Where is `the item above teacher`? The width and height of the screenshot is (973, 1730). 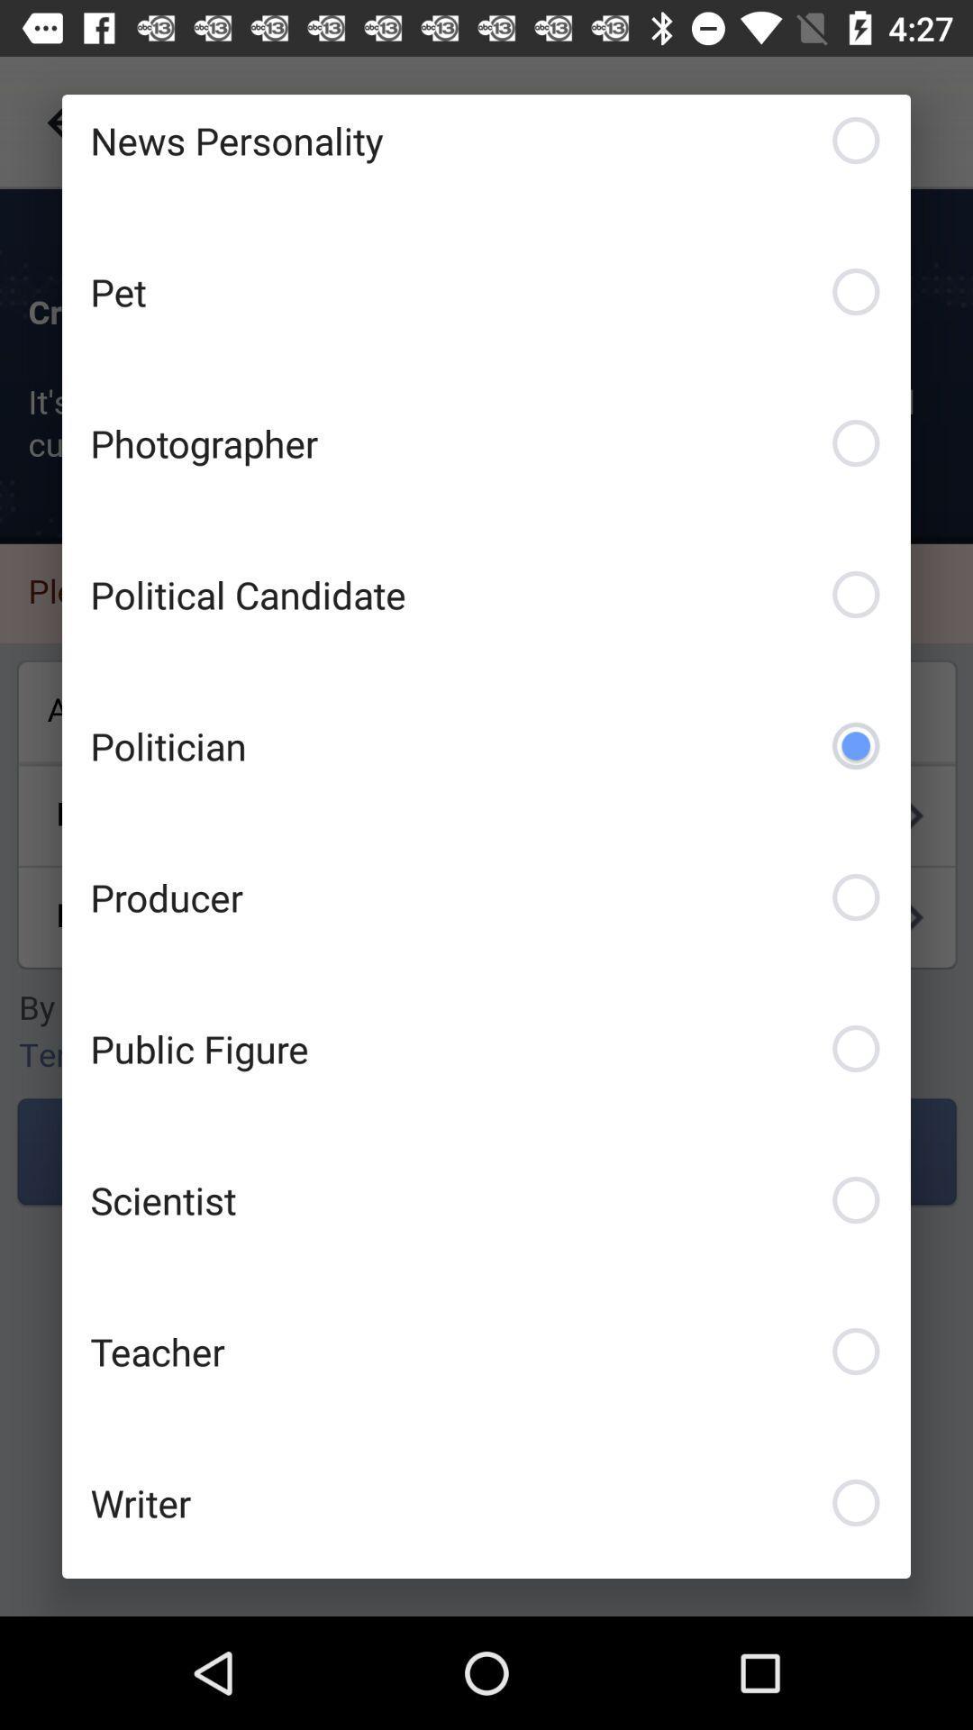
the item above teacher is located at coordinates (486, 1199).